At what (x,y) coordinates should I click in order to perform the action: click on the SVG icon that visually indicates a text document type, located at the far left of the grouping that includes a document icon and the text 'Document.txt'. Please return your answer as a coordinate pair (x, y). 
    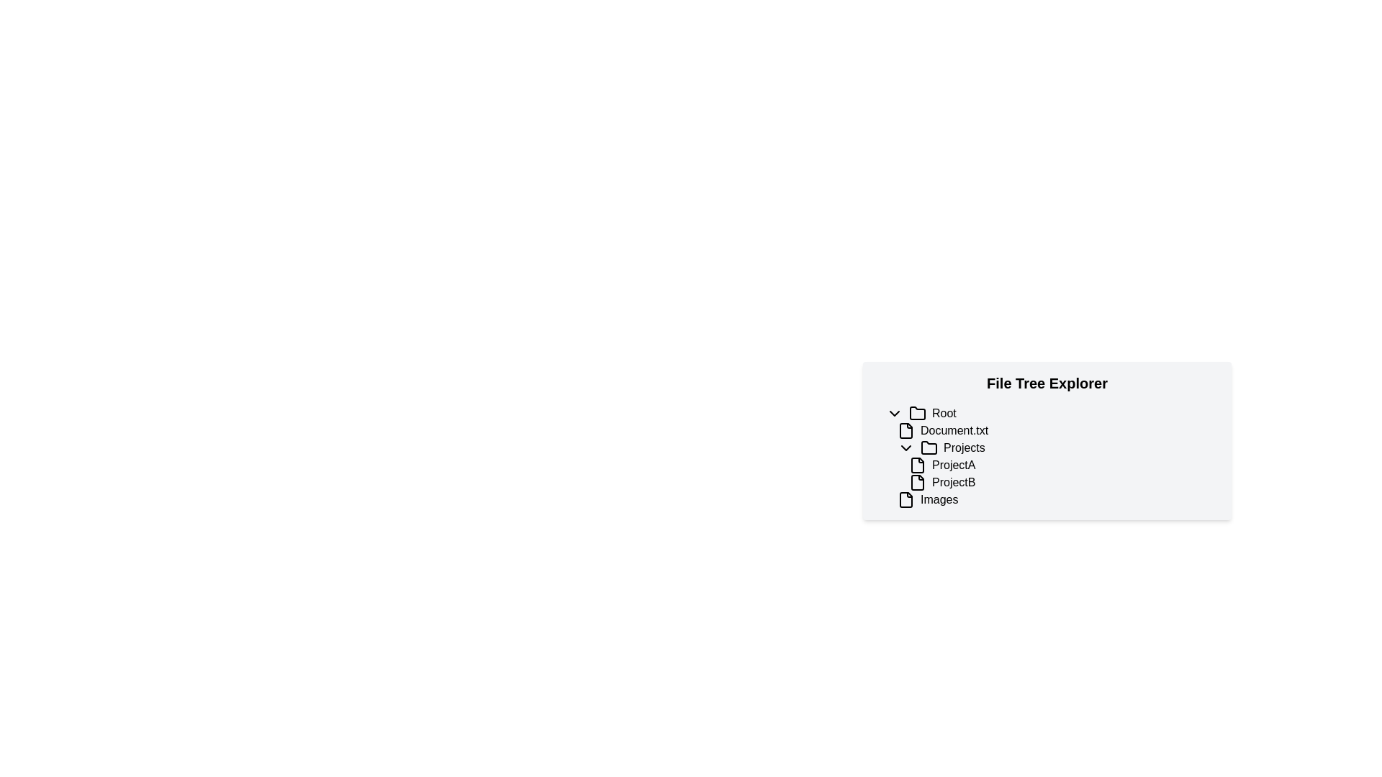
    Looking at the image, I should click on (905, 430).